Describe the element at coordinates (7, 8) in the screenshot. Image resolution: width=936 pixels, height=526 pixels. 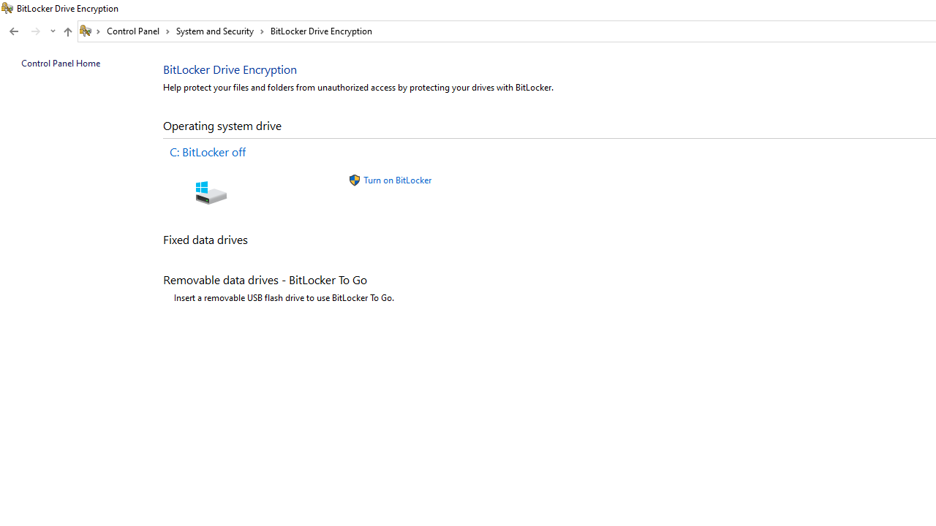
I see `'System'` at that location.